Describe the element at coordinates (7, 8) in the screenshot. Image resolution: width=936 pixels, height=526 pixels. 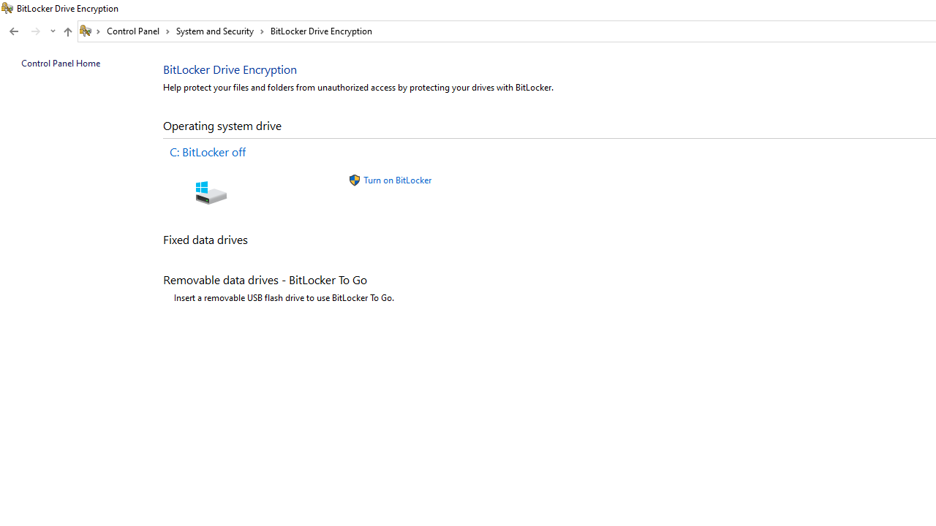
I see `'System'` at that location.